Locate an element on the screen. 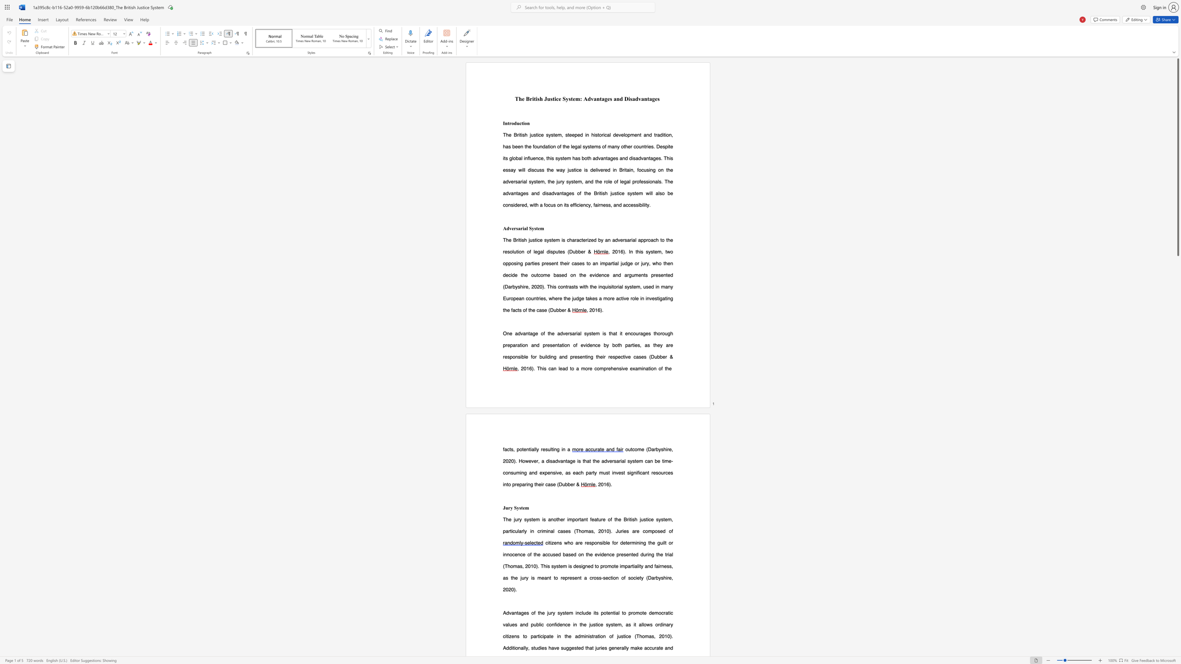 The height and width of the screenshot is (664, 1181). the 10th character "e" in the text is located at coordinates (561, 251).